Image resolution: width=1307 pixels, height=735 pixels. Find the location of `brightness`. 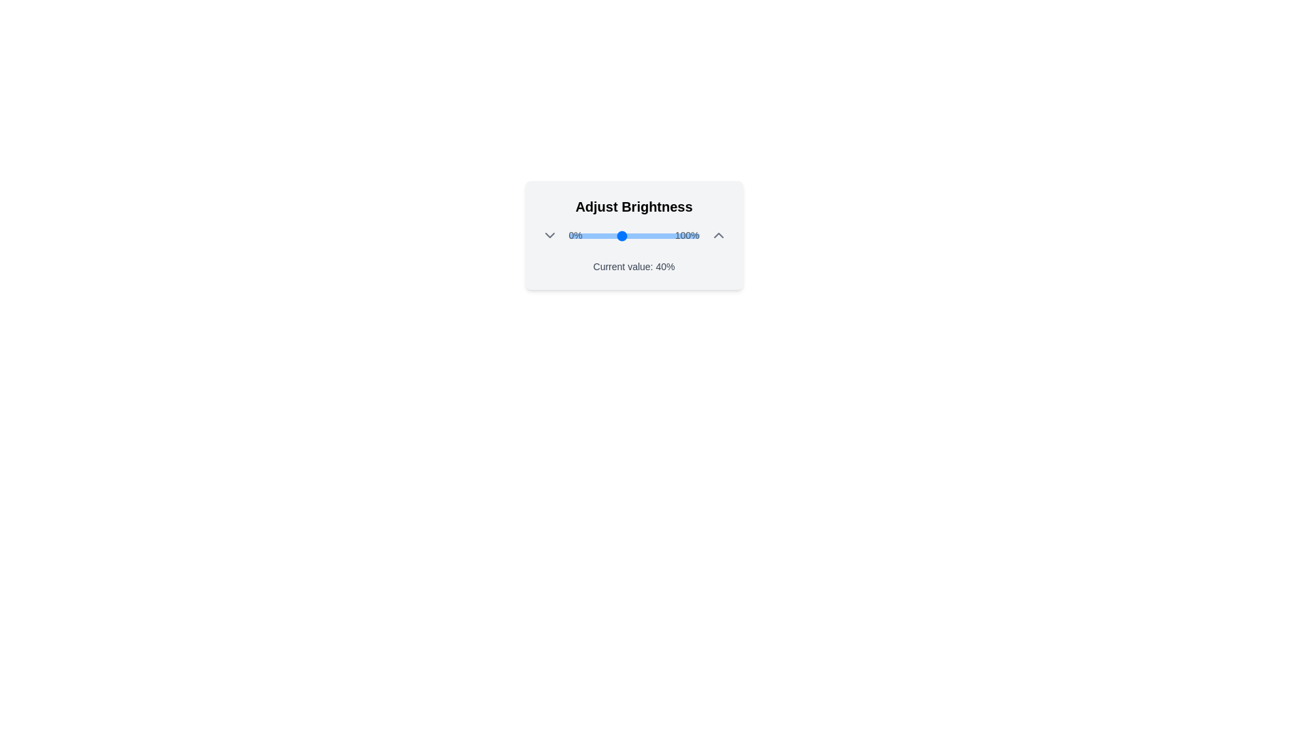

brightness is located at coordinates (628, 235).